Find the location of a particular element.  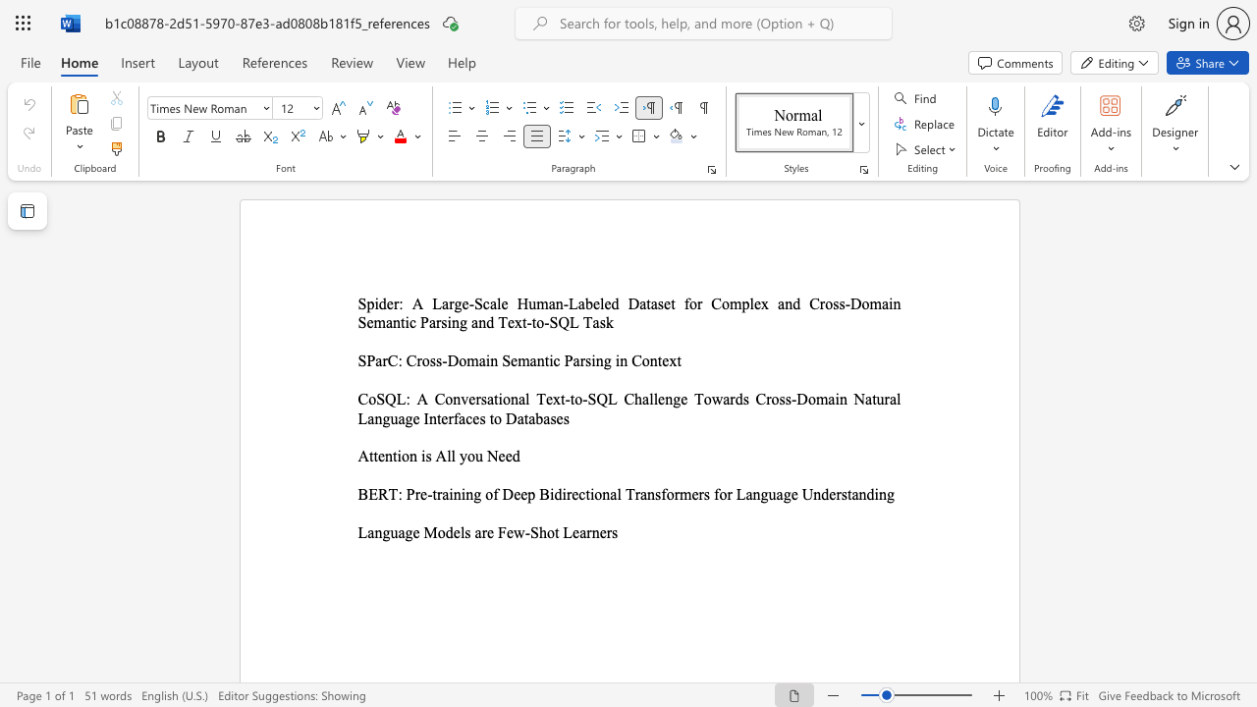

the 1th character "L" in the text is located at coordinates (362, 532).